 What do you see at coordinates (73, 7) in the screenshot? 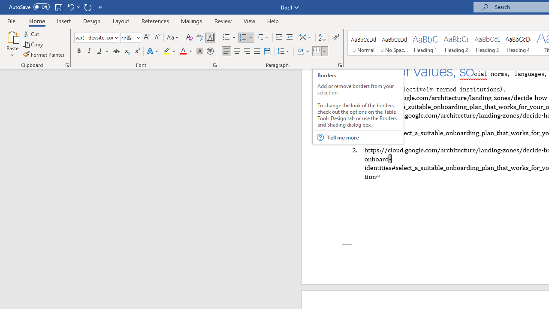
I see `'Undo Border Bottom'` at bounding box center [73, 7].